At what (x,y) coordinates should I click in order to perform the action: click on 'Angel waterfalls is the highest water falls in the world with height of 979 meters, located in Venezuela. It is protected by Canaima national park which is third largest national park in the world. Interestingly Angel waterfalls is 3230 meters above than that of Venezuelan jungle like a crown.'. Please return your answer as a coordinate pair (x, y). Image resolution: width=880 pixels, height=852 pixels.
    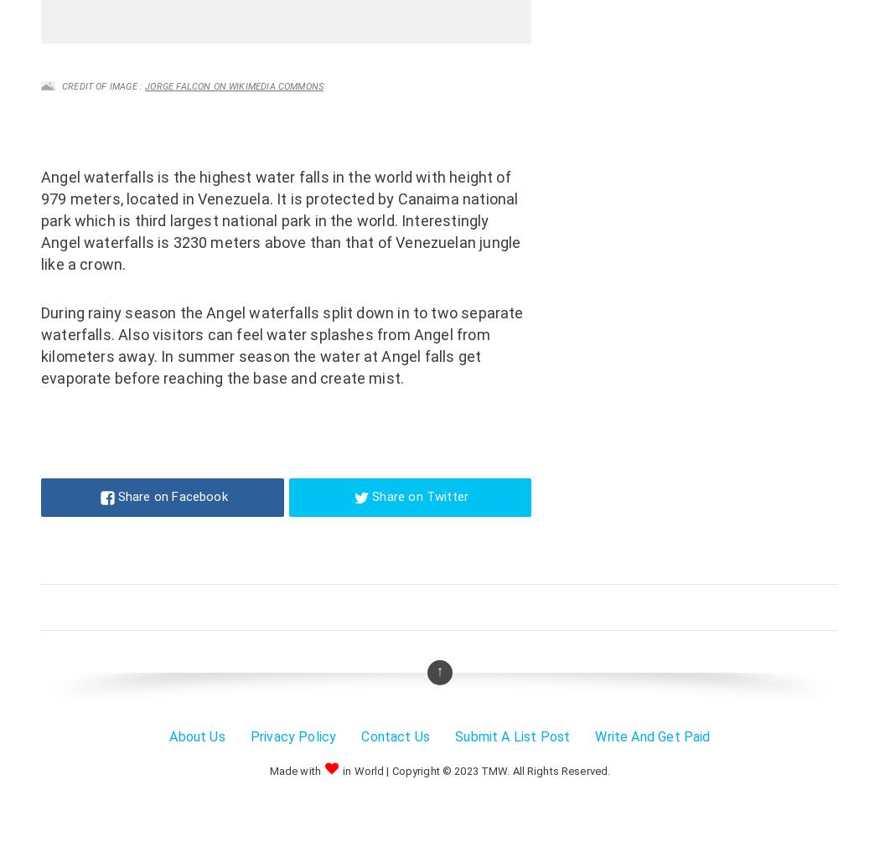
    Looking at the image, I should click on (280, 219).